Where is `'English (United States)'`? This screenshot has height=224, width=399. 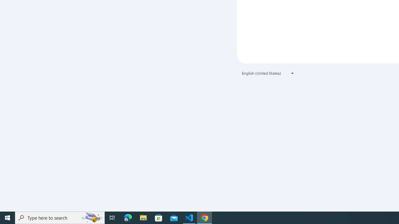
'English (United States)' is located at coordinates (268, 73).